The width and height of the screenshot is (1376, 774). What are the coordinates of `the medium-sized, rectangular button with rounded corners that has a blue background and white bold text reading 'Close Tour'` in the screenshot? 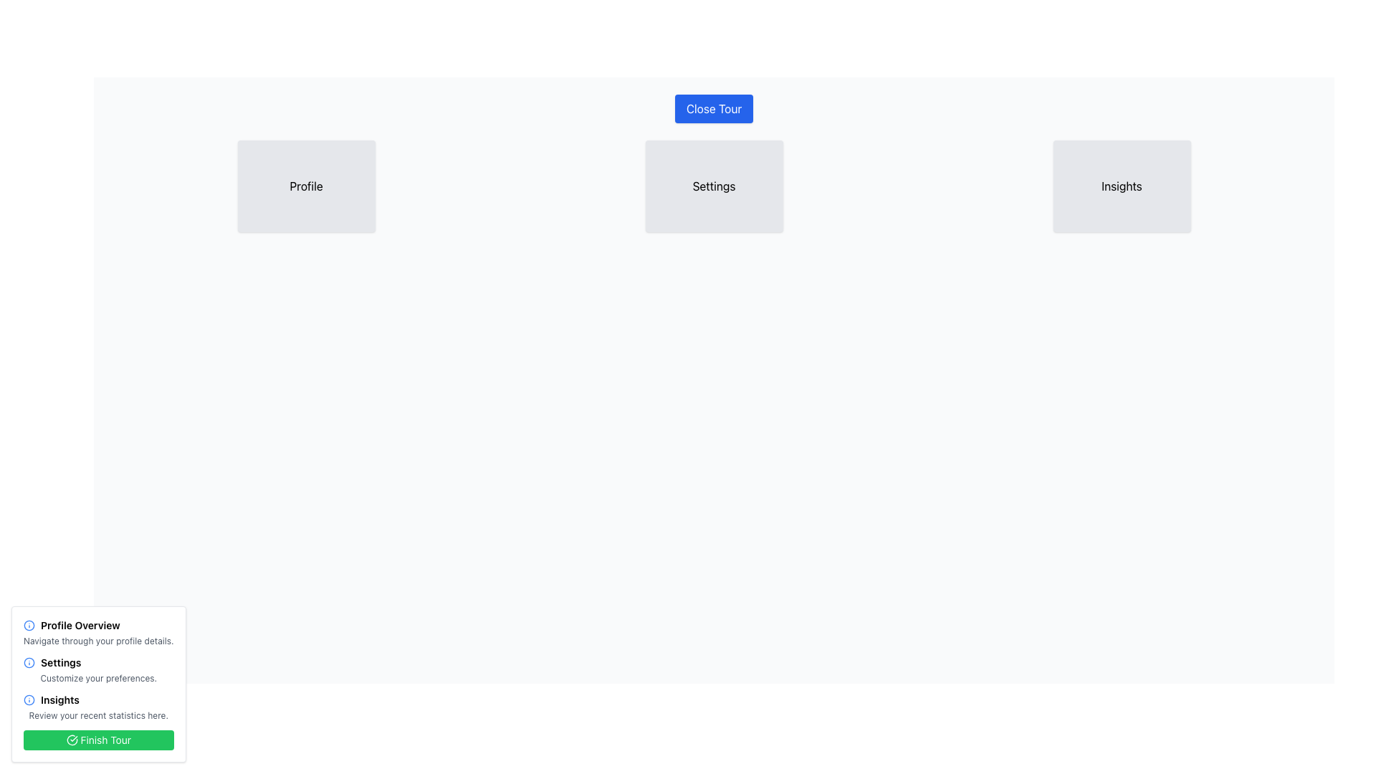 It's located at (714, 107).